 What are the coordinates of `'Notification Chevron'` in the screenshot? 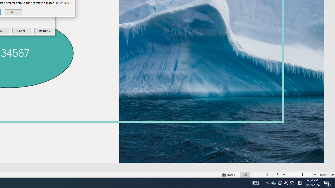 It's located at (279, 182).